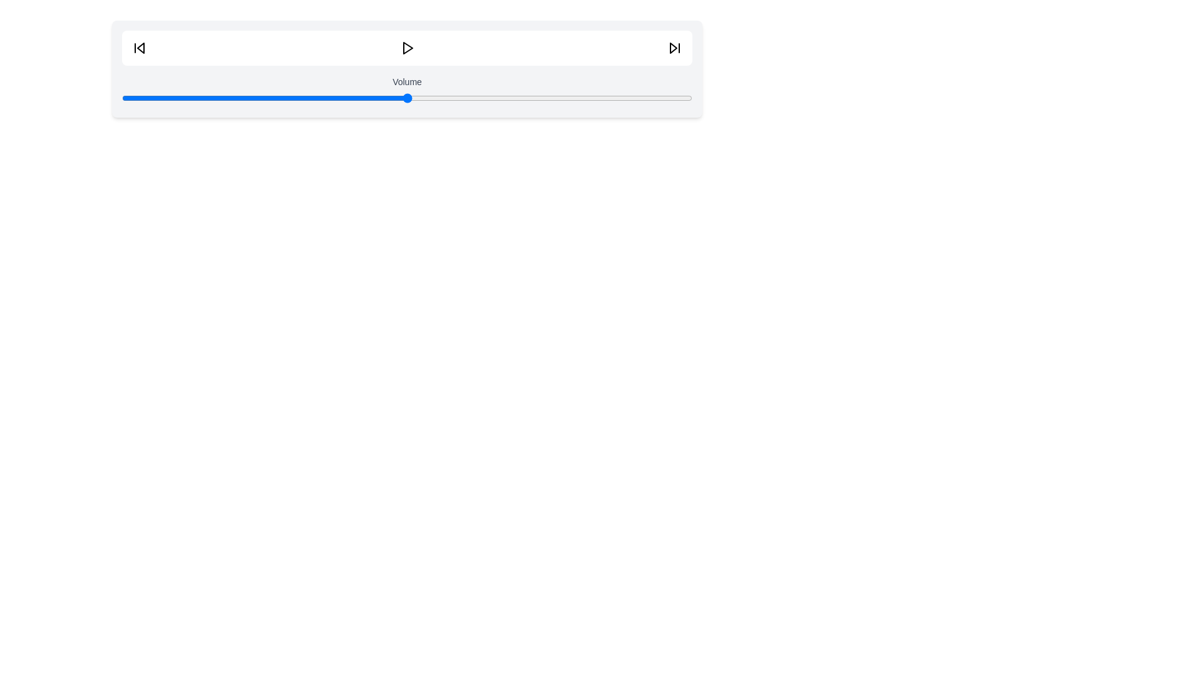  What do you see at coordinates (281, 98) in the screenshot?
I see `the volume level` at bounding box center [281, 98].